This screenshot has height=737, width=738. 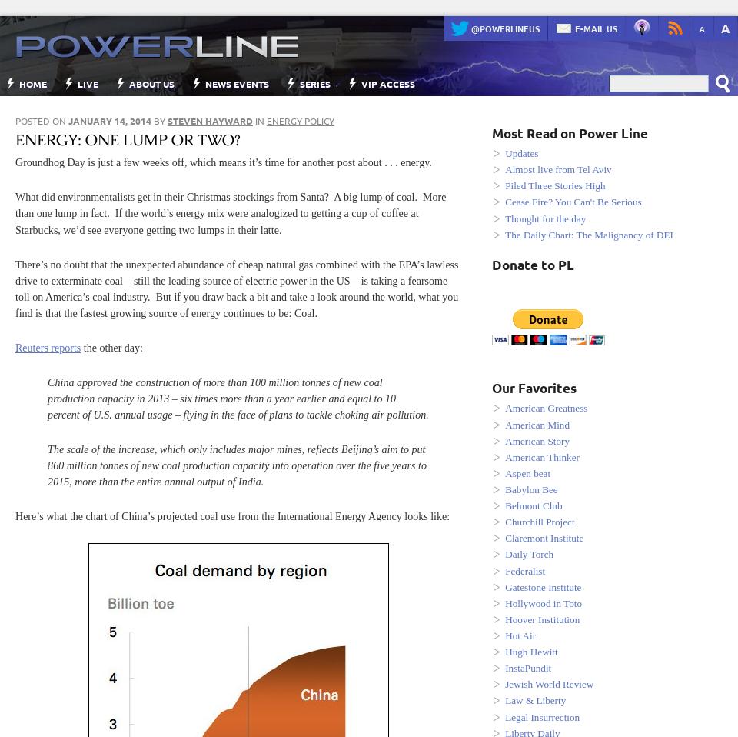 I want to click on 'Churchill Project', so click(x=539, y=521).